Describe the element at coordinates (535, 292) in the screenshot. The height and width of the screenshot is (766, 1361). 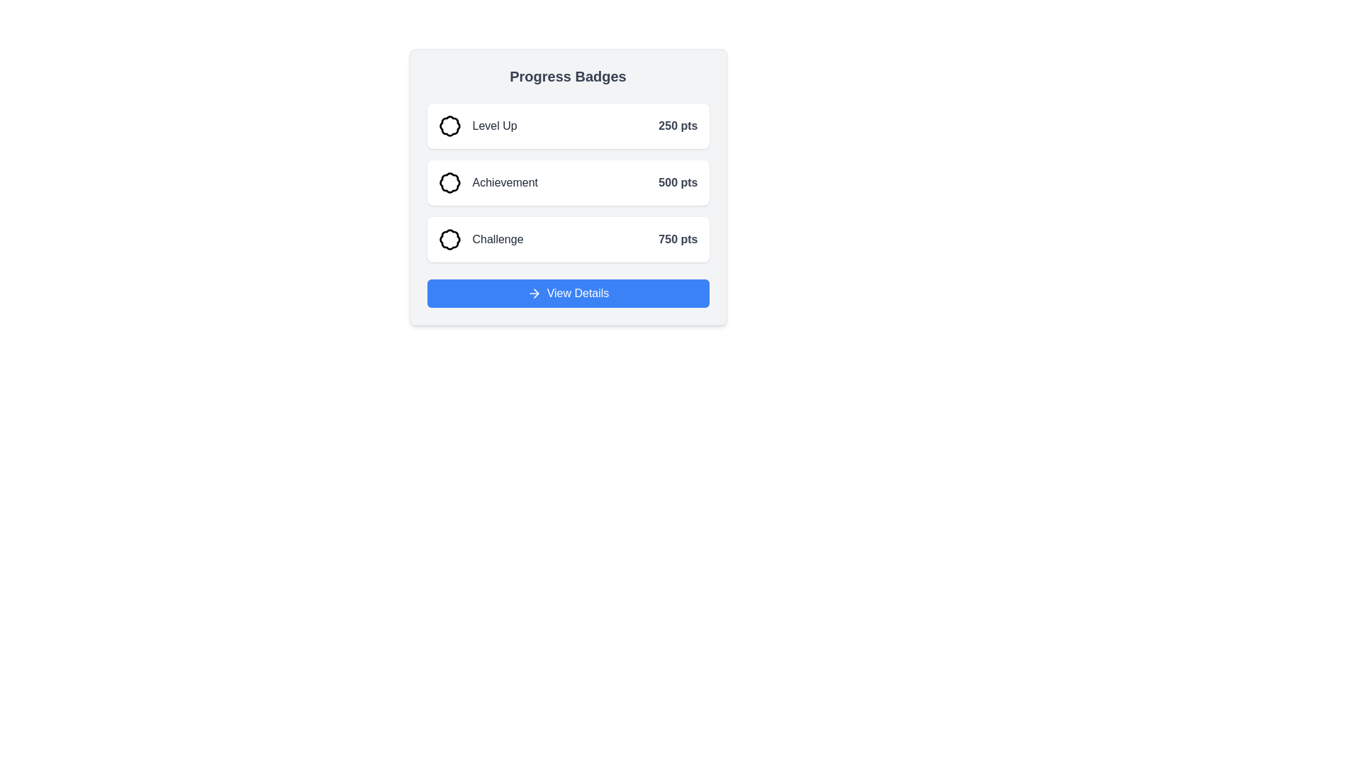
I see `the arrow icon located at the center-bottom of the layout` at that location.